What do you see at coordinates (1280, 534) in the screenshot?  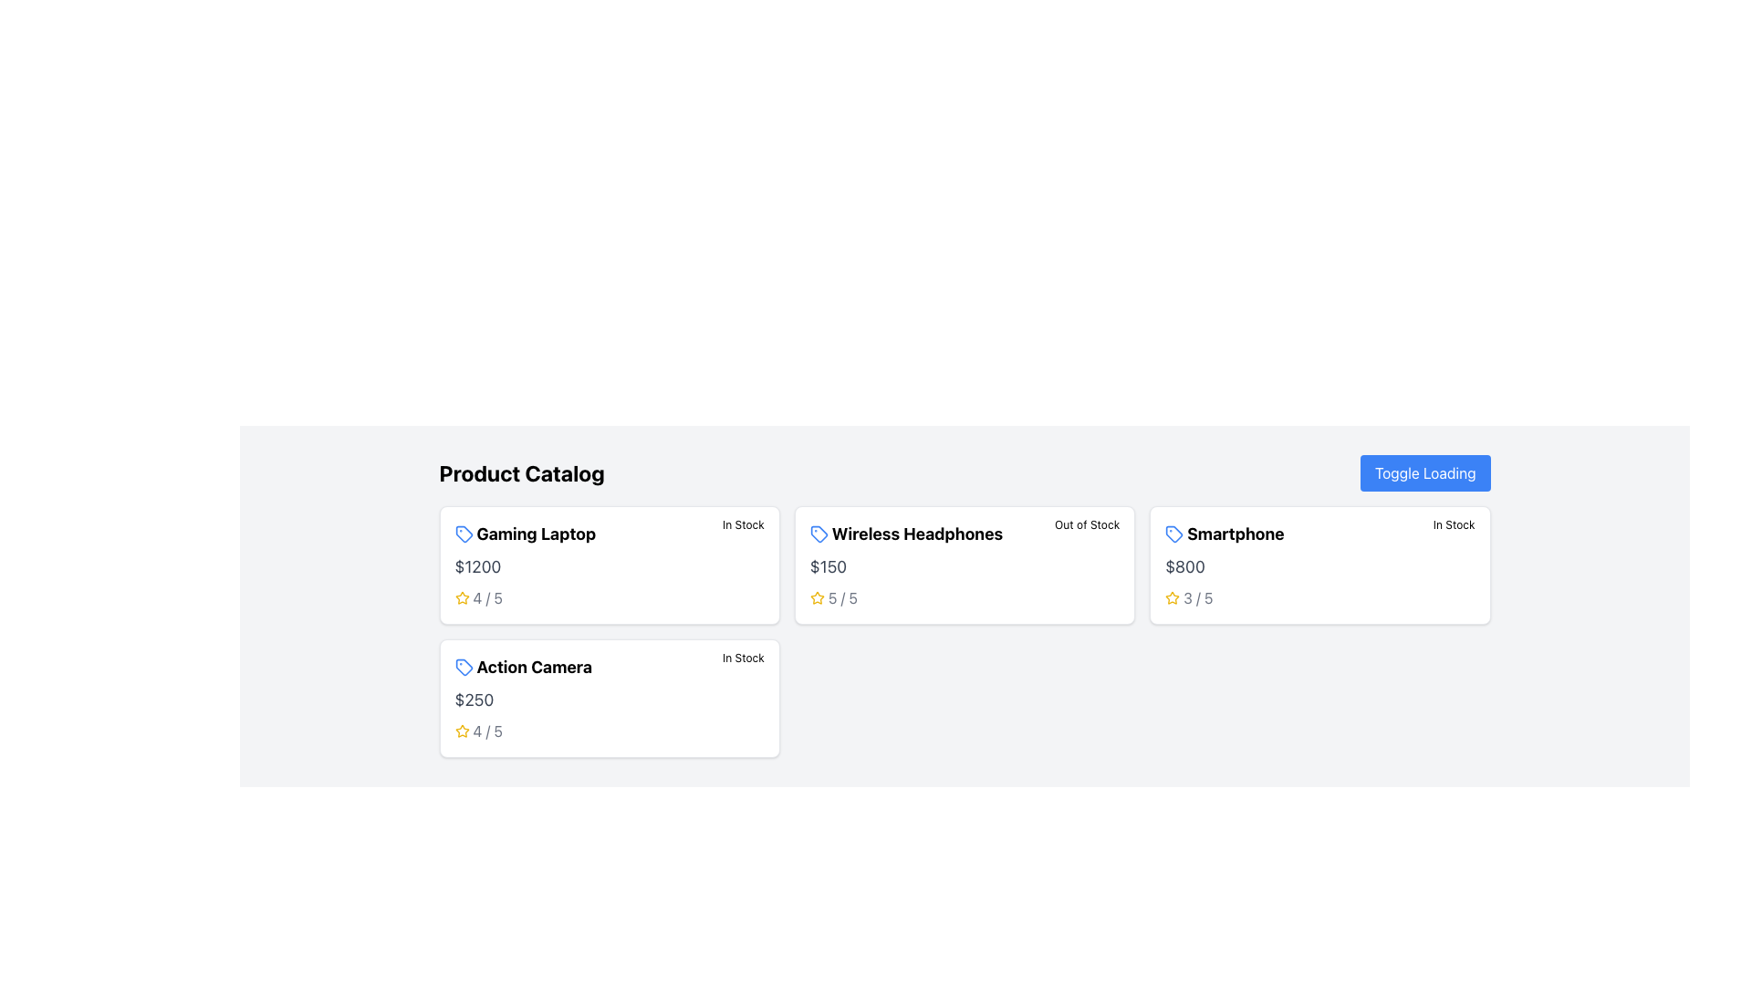 I see `text element displaying 'Smartphone' which features bold black text and a blue icon resembling a tag, located in the third column of a card layout, centered at the top of the card` at bounding box center [1280, 534].